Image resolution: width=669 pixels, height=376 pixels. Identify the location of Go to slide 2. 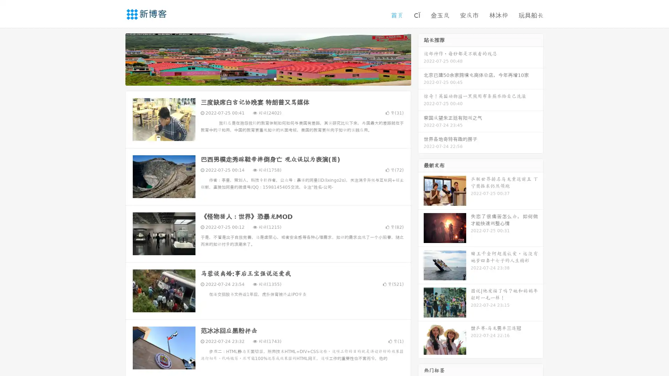
(268, 78).